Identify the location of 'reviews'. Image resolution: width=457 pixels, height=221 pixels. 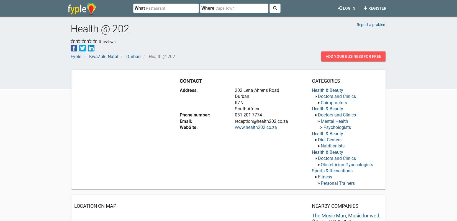
(109, 41).